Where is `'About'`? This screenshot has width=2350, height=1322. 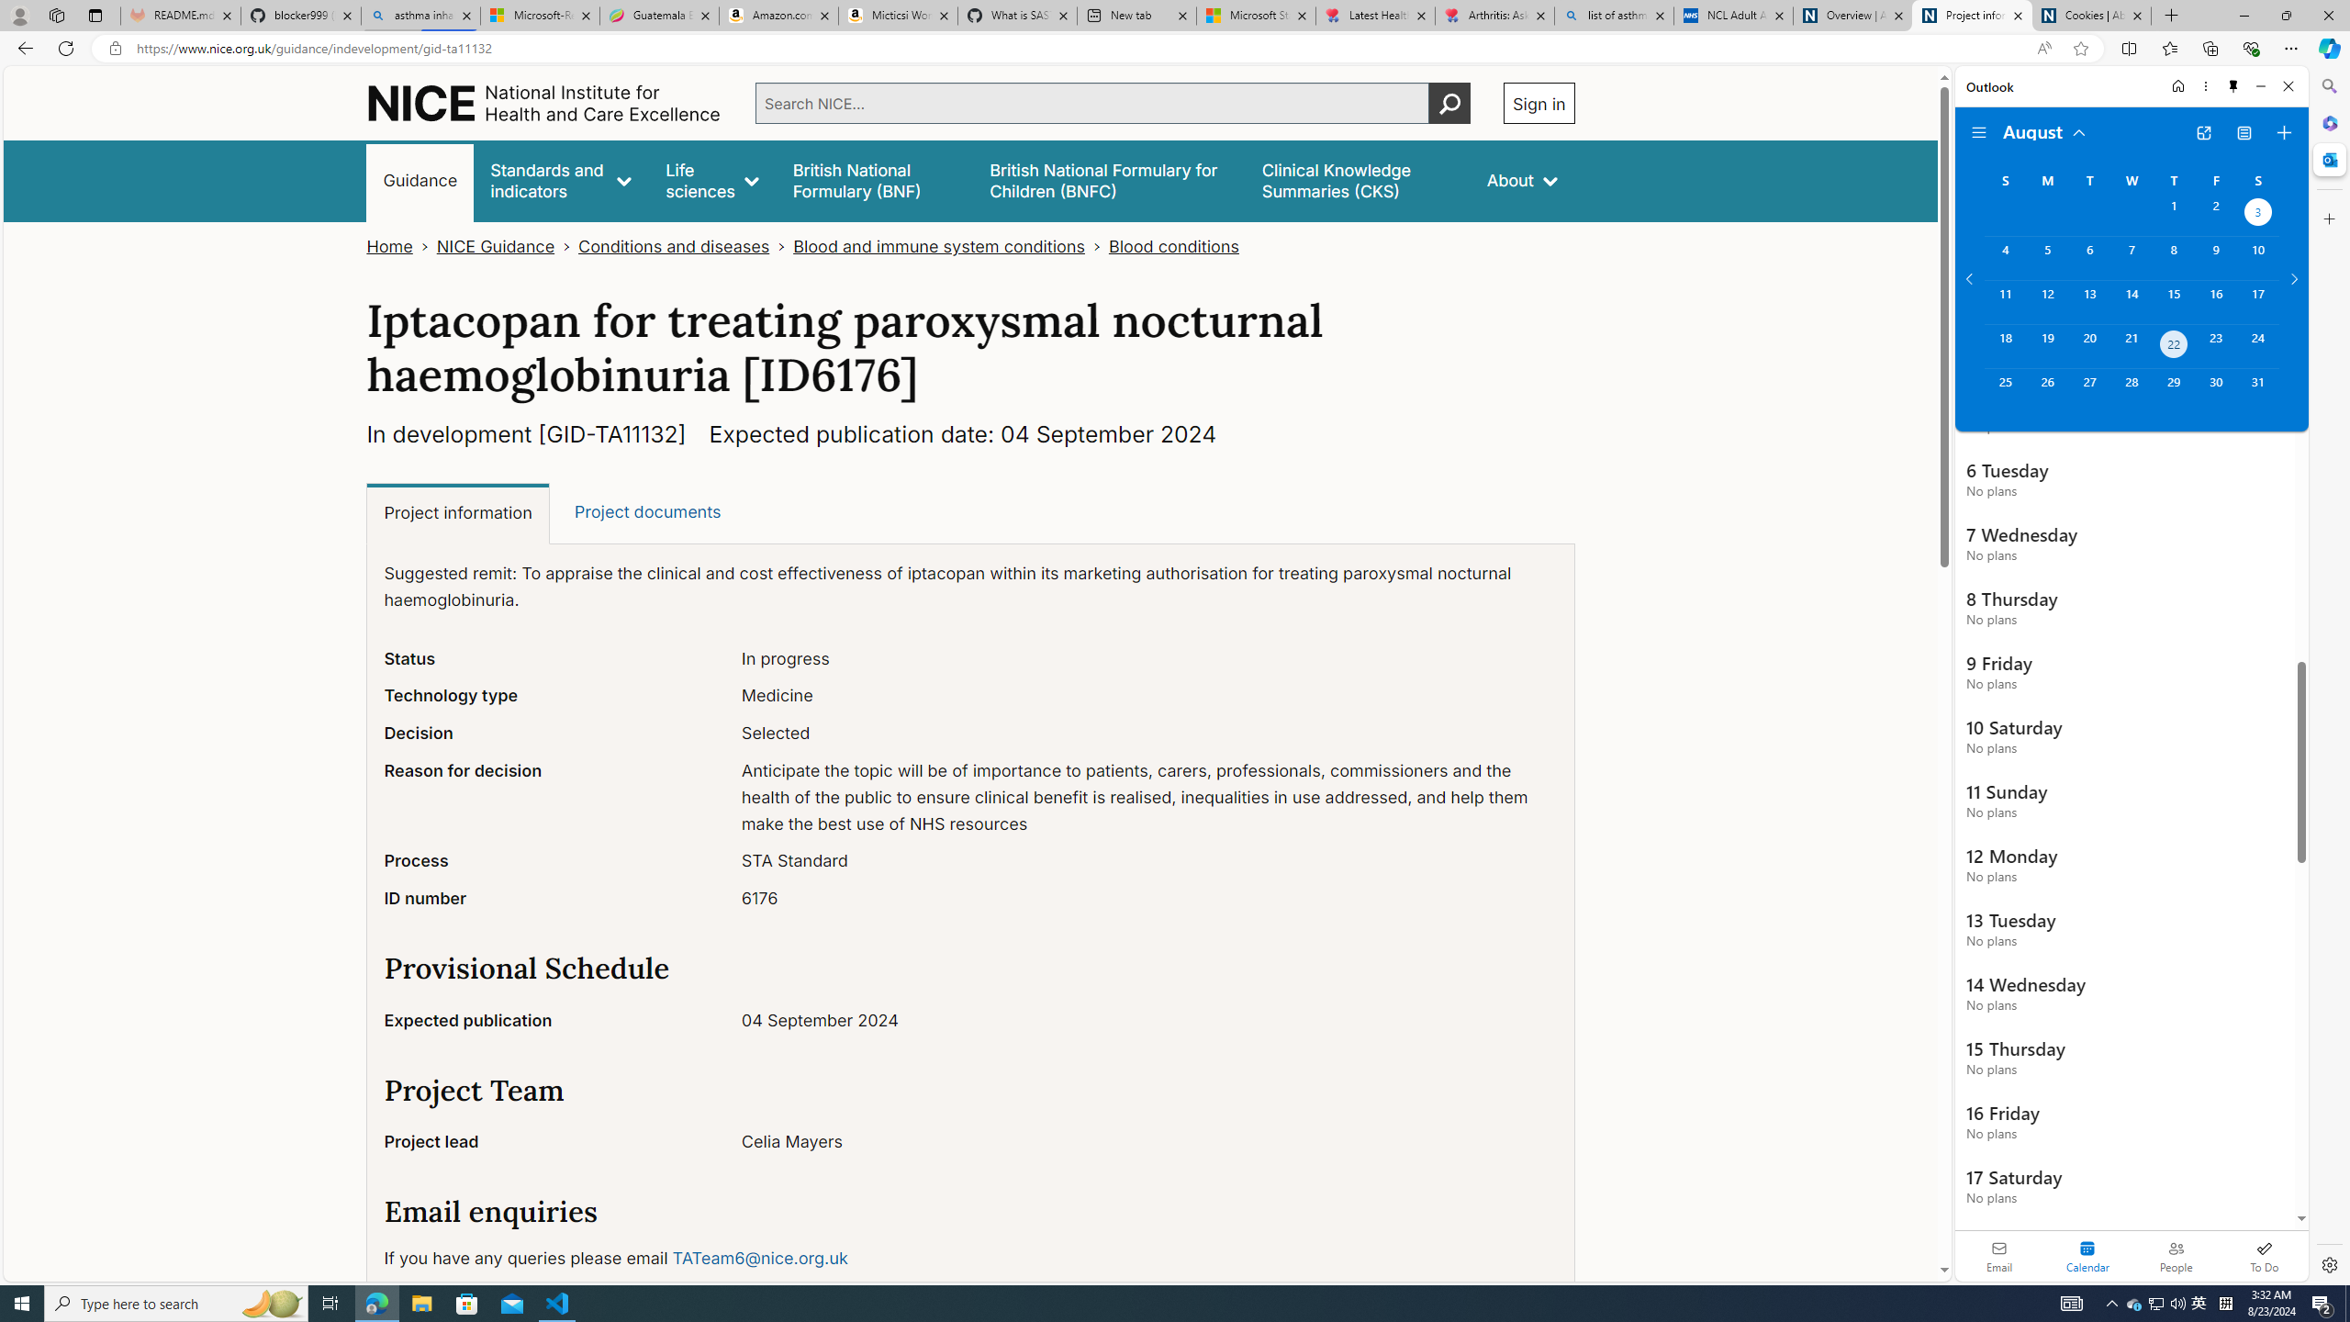 'About' is located at coordinates (1520, 180).